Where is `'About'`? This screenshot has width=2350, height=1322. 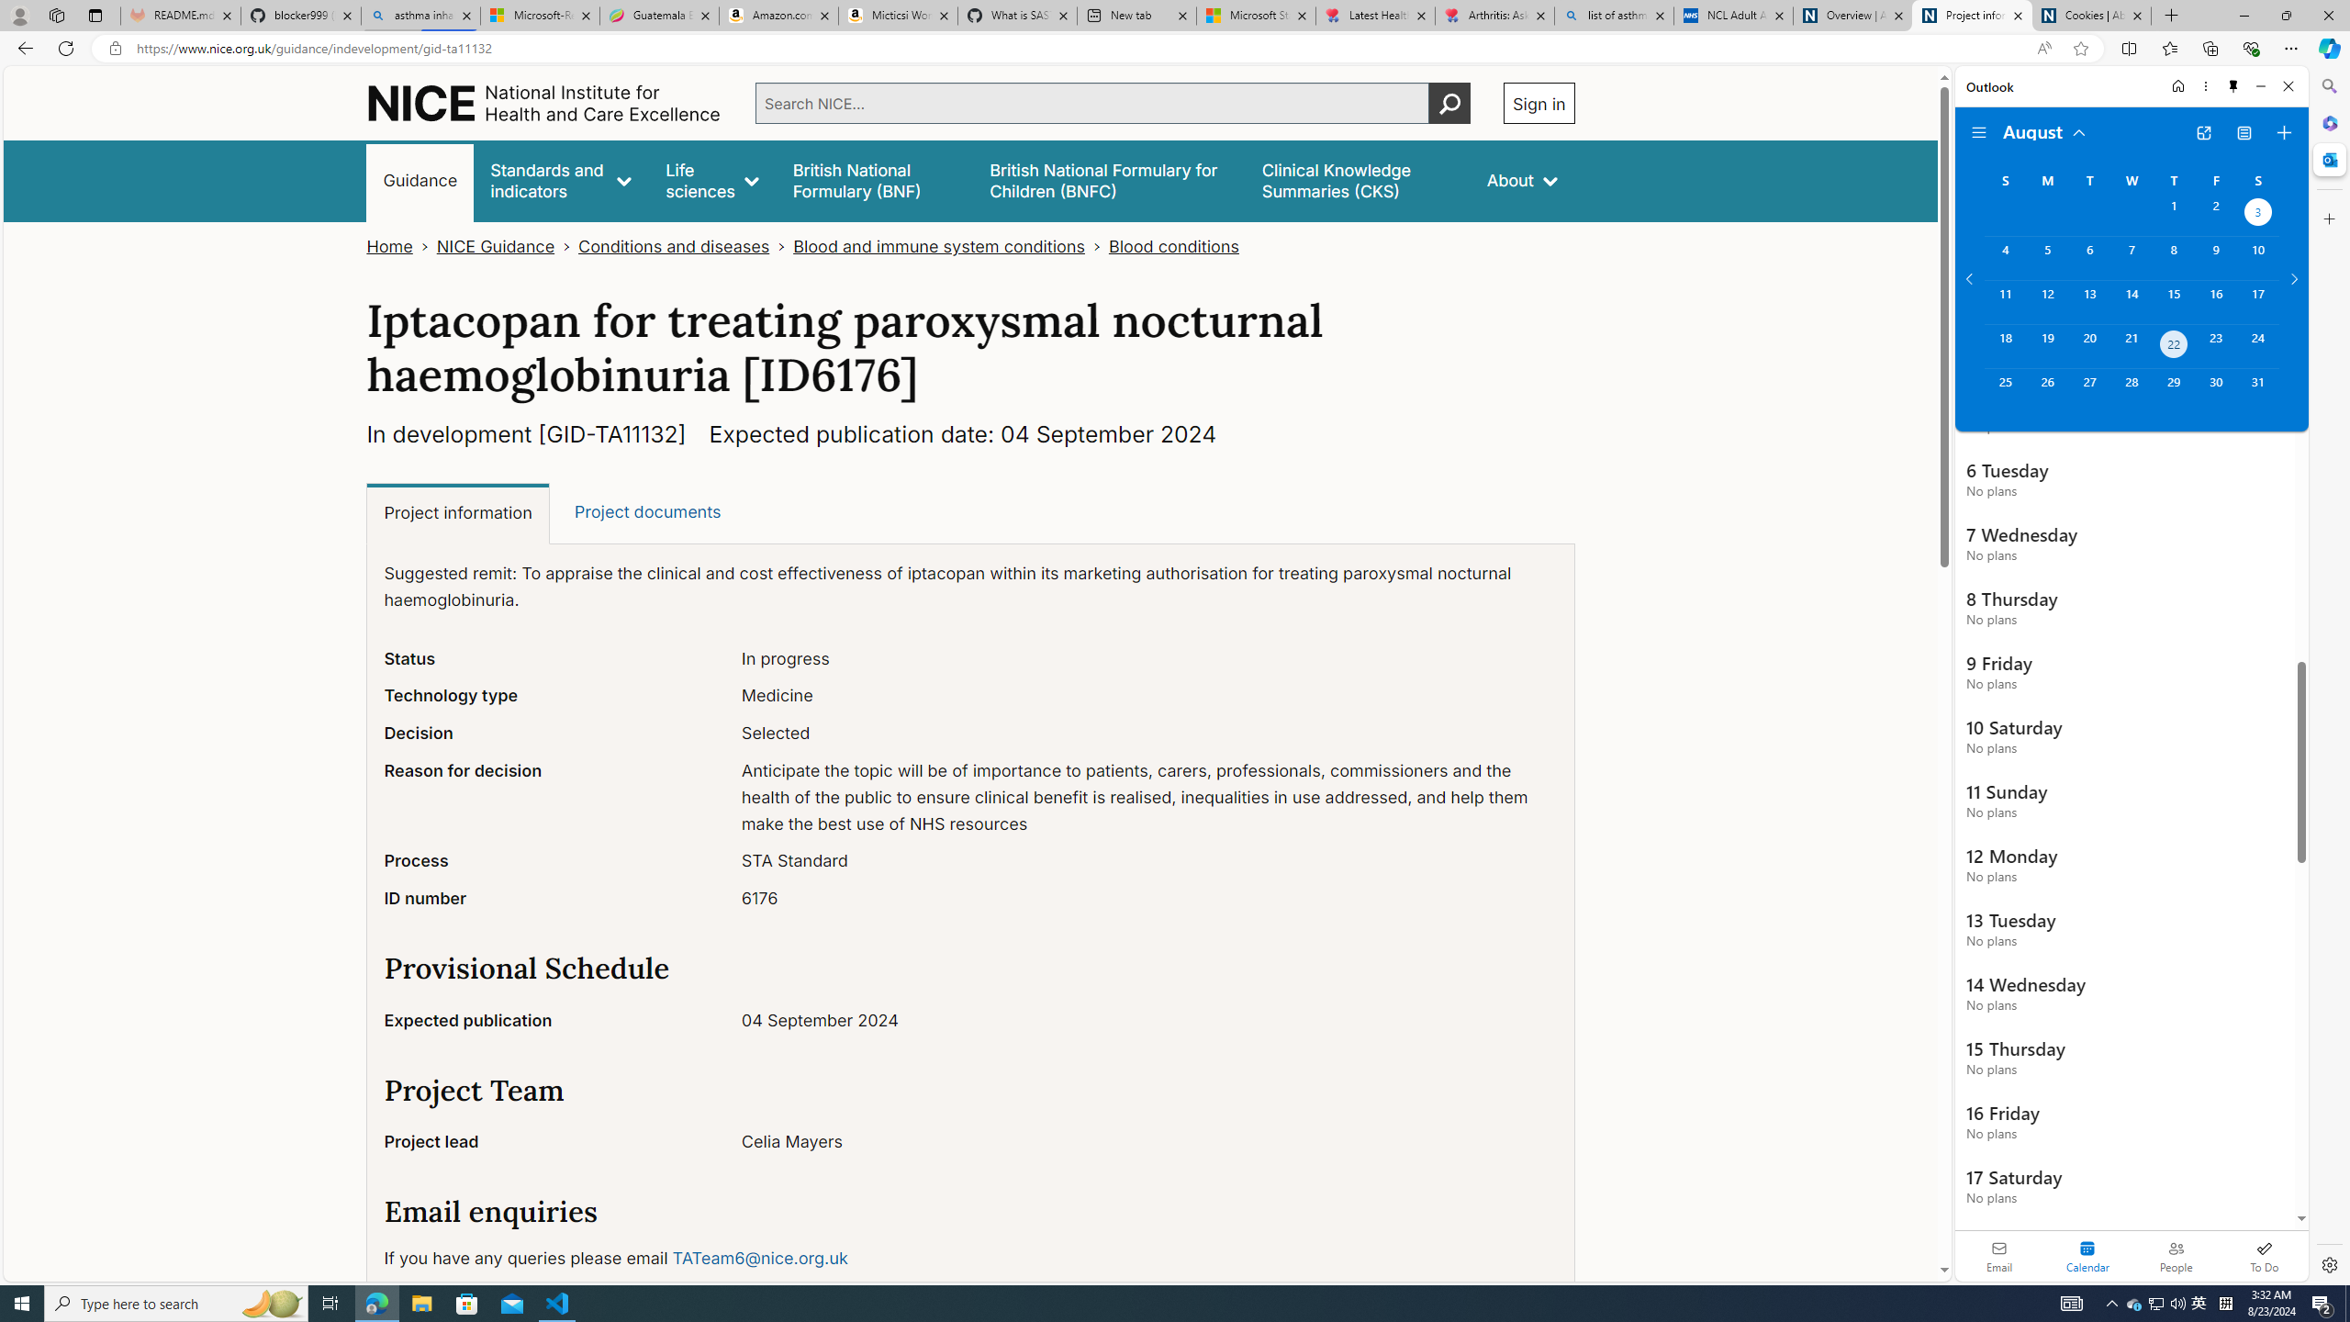 'About' is located at coordinates (1520, 180).